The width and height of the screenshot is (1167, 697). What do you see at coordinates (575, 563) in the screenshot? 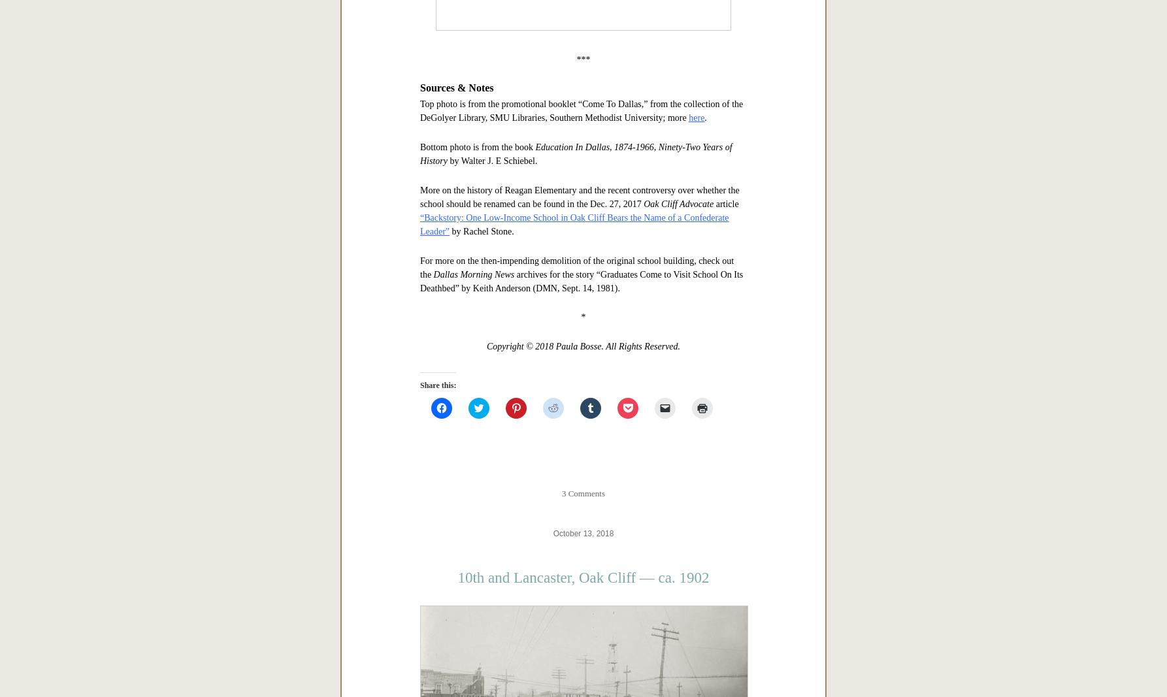
I see `'Education In Dallas, 1874-1966, Ninety-Two Years of History'` at bounding box center [575, 563].